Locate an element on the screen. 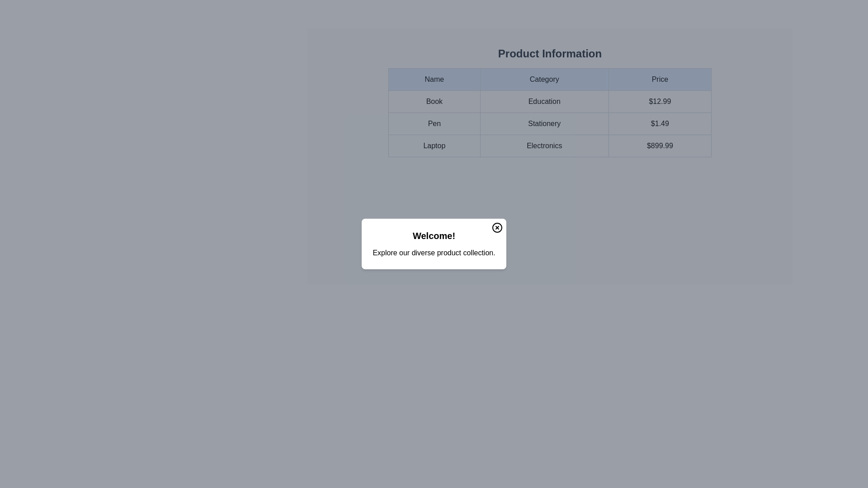  text label representing the product name 'Laptop' located in the first cell under the 'Name' column of the product listing table is located at coordinates (434, 145).